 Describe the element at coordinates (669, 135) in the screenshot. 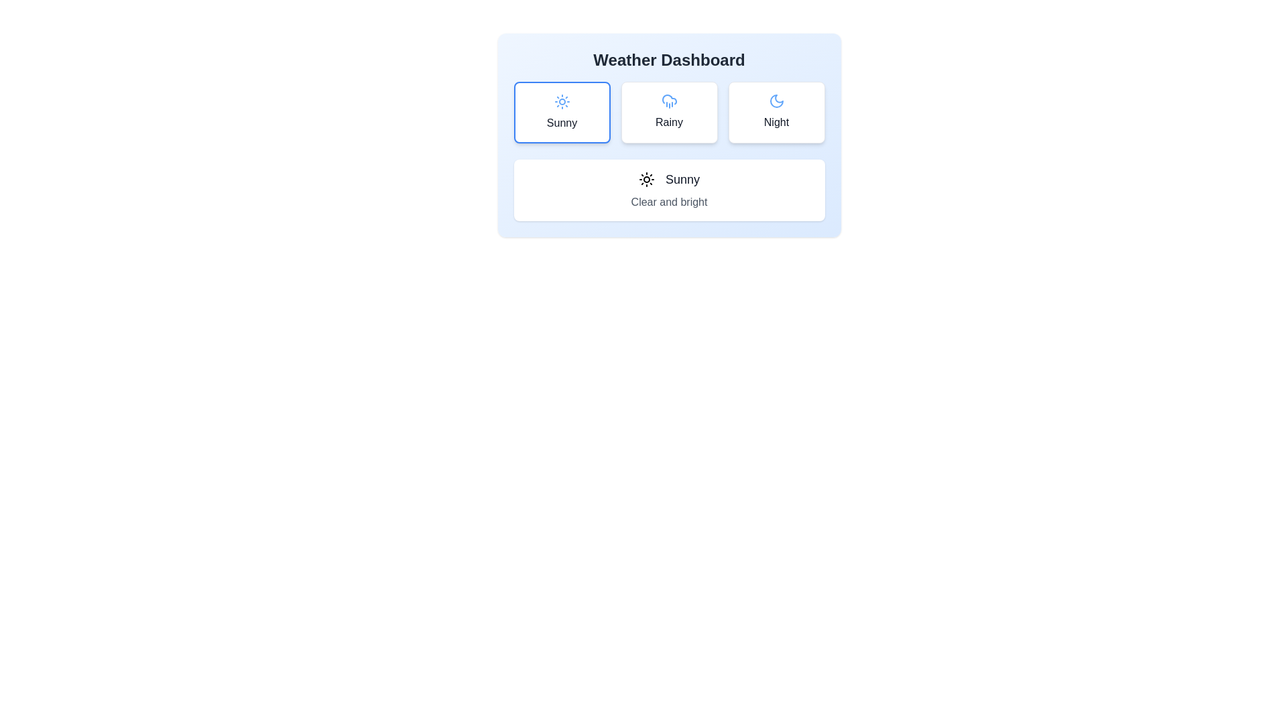

I see `the 'Rainy' weather option button in the 'Weather Dashboard' widget` at that location.